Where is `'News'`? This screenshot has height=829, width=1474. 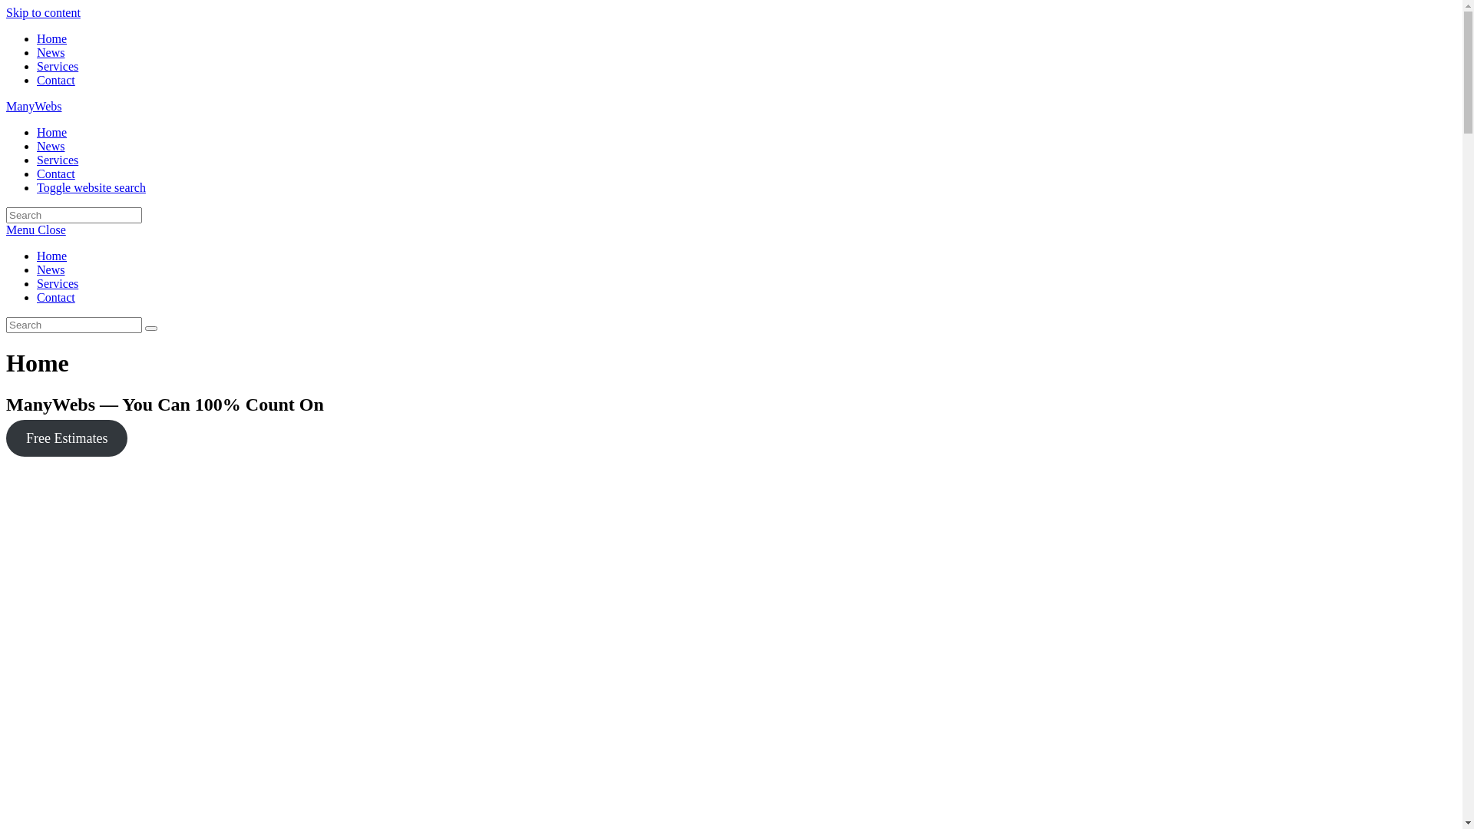
'News' is located at coordinates (51, 146).